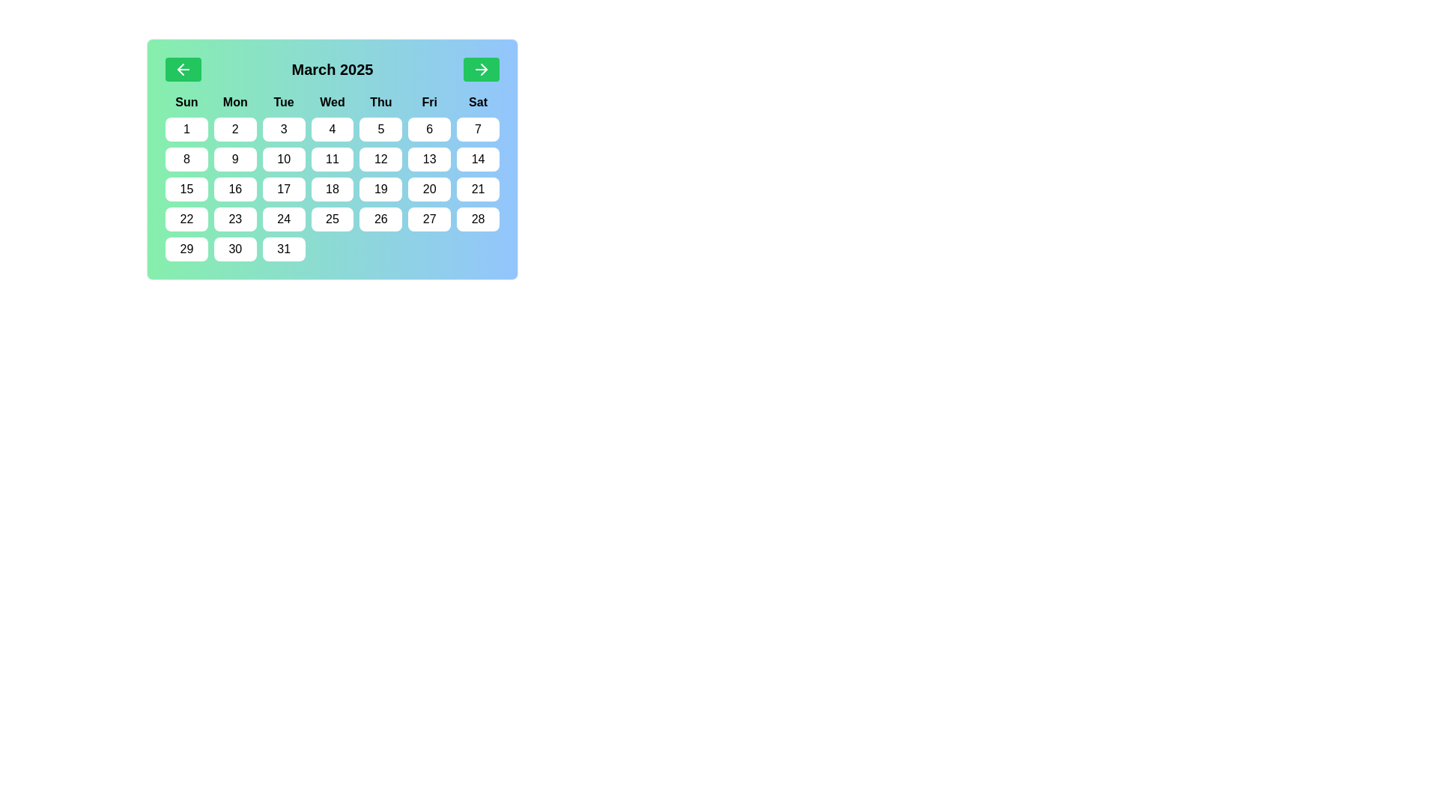 The image size is (1438, 809). What do you see at coordinates (234, 219) in the screenshot?
I see `the date button '23' in the calendar grid located in the fourth row and second column, which is below 'Mon' and adjacent to '22' and '24'` at bounding box center [234, 219].